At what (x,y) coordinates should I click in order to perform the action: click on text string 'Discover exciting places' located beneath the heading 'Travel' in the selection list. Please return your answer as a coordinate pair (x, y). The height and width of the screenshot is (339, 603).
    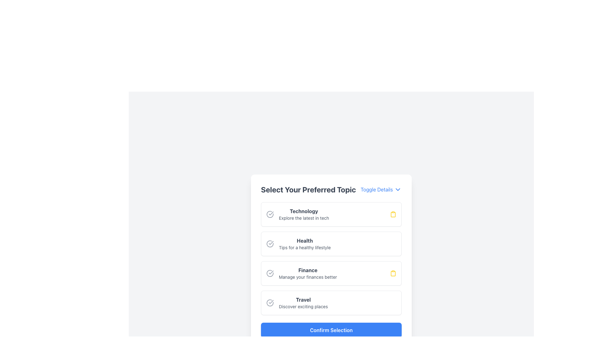
    Looking at the image, I should click on (303, 306).